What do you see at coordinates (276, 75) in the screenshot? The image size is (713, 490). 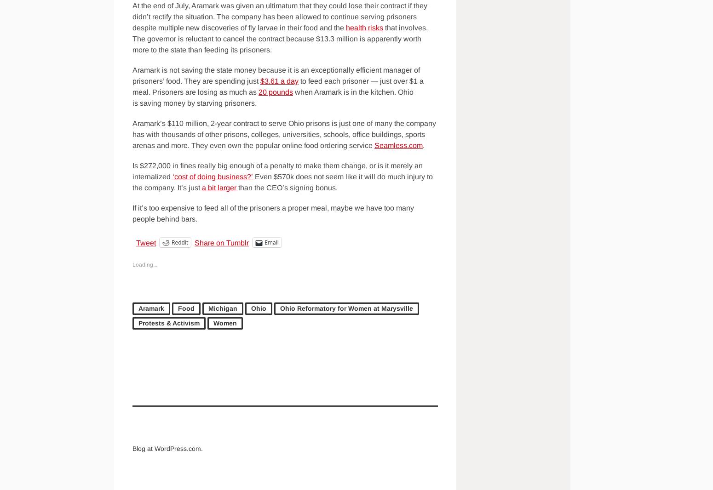 I see `'Aramark is not saving the state money because it is an exceptionally efficient manager of prisoners’ food. They are spending just'` at bounding box center [276, 75].